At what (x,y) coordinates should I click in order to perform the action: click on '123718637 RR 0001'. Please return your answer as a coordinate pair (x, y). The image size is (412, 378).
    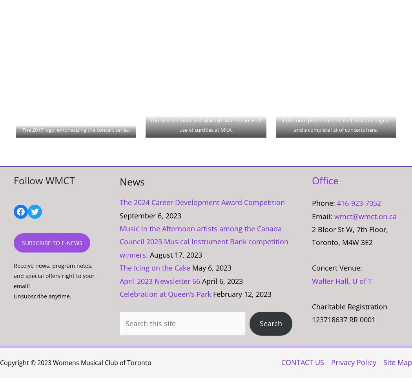
    Looking at the image, I should click on (343, 319).